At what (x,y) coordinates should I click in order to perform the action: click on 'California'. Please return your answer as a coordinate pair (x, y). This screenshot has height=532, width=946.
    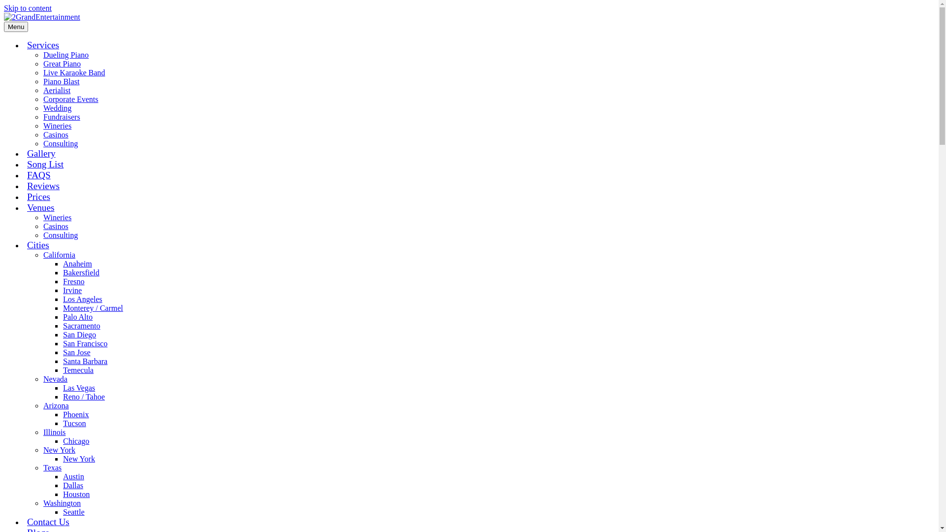
    Looking at the image, I should click on (59, 254).